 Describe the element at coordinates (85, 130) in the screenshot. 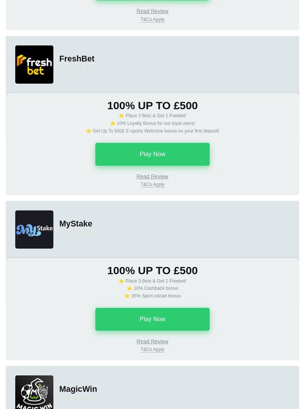

I see `'⭐ Get Up To 500£ E-sports Welcome bonus on your first deposit!'` at that location.